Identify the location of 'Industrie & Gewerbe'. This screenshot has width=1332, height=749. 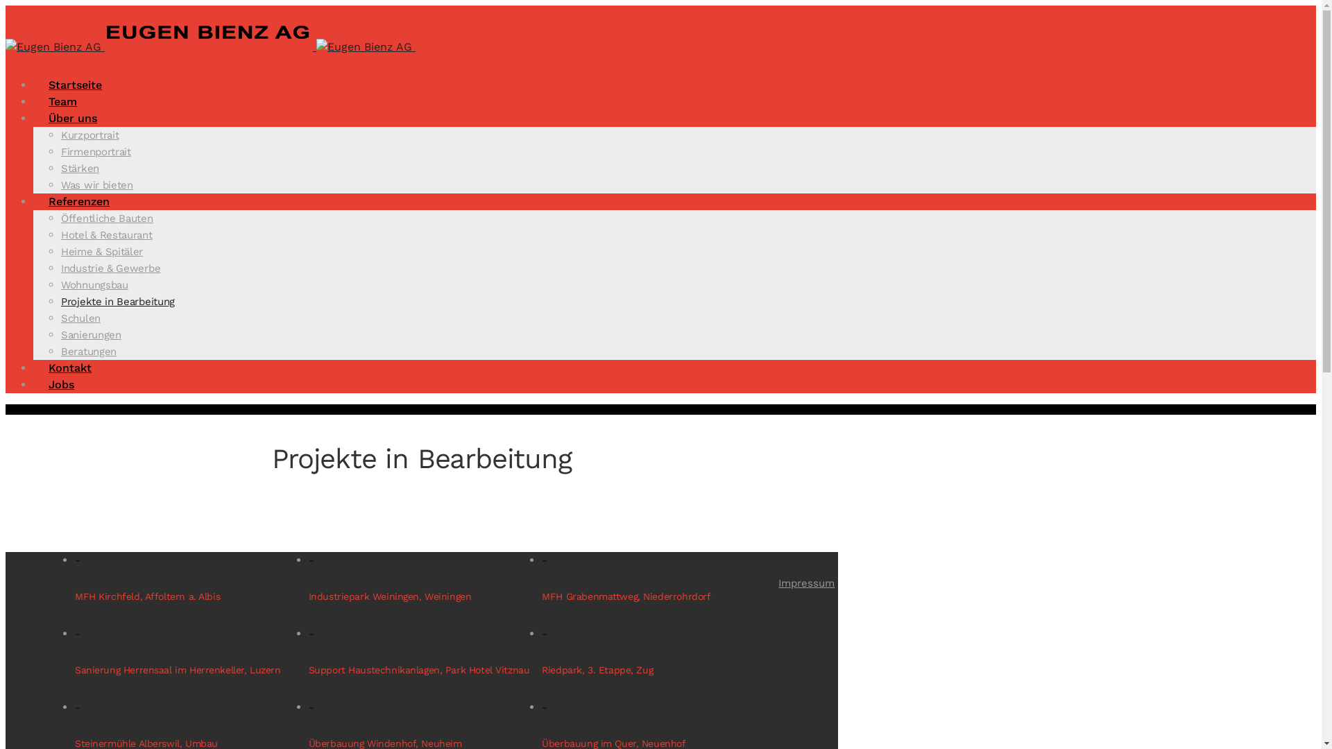
(60, 268).